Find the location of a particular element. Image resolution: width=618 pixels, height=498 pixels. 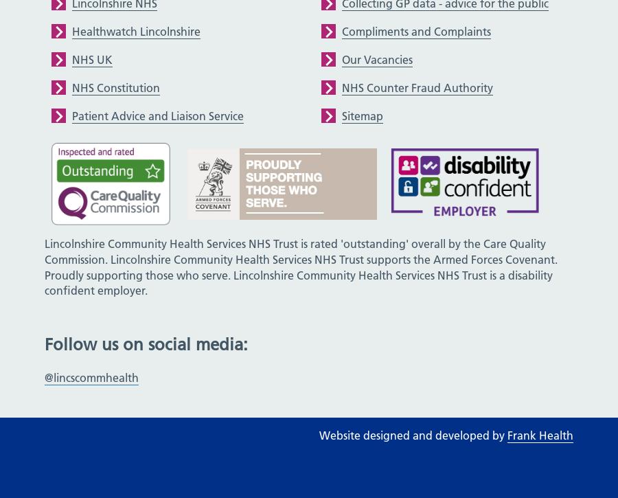

'Sitemap' is located at coordinates (362, 114).